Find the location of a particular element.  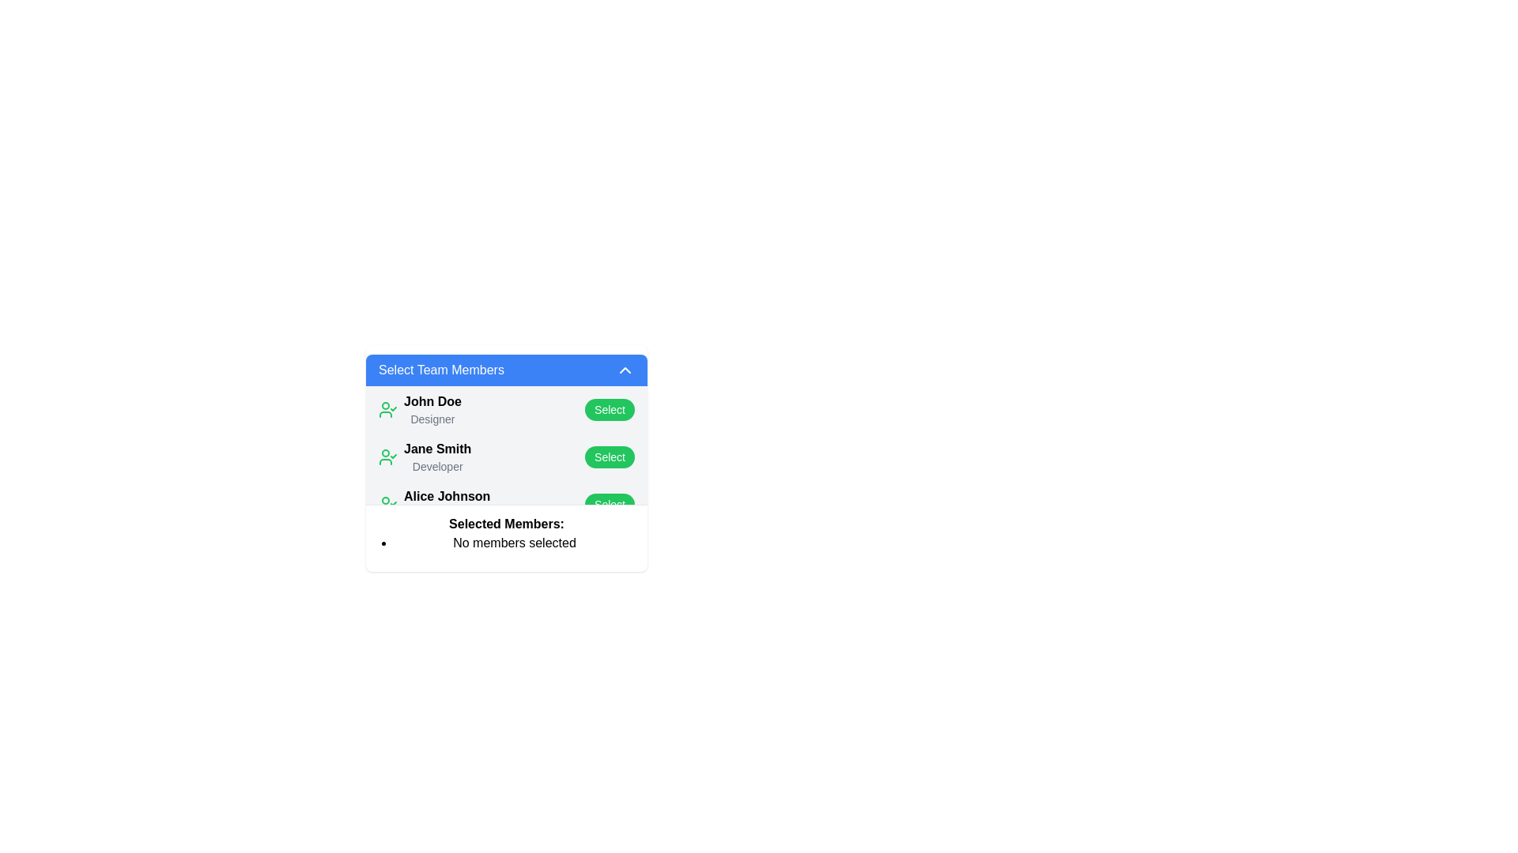

the green 'Select' button with white text, which is located to the right of 'Jane Smith, Developer' in the team members list is located at coordinates (609, 457).